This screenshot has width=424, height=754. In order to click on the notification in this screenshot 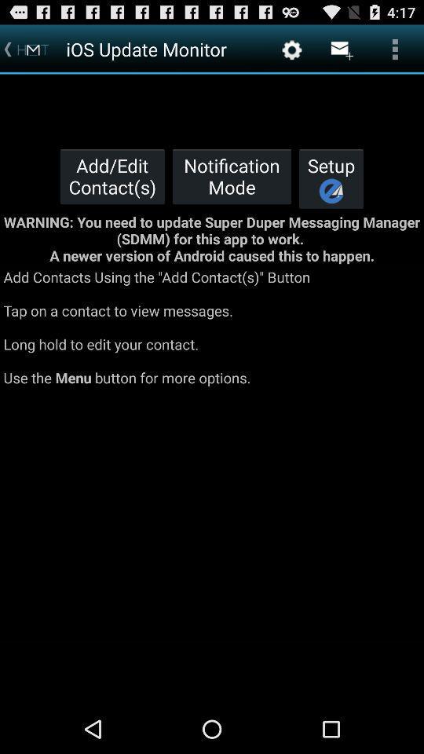, I will do `click(231, 176)`.